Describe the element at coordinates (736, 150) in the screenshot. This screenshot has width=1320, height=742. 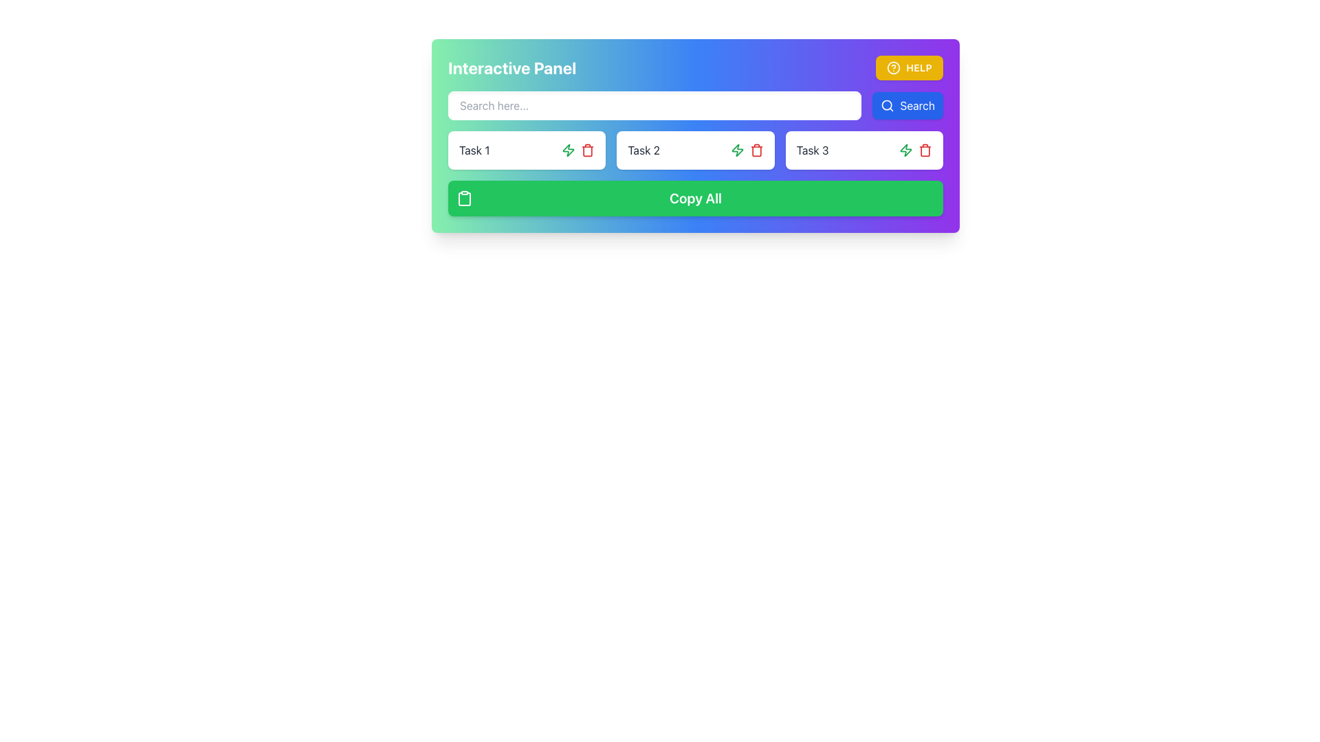
I see `the icon located to the left of the red trashcan icon, which signifies marking or activating an energy-related action for 'Task 3'` at that location.